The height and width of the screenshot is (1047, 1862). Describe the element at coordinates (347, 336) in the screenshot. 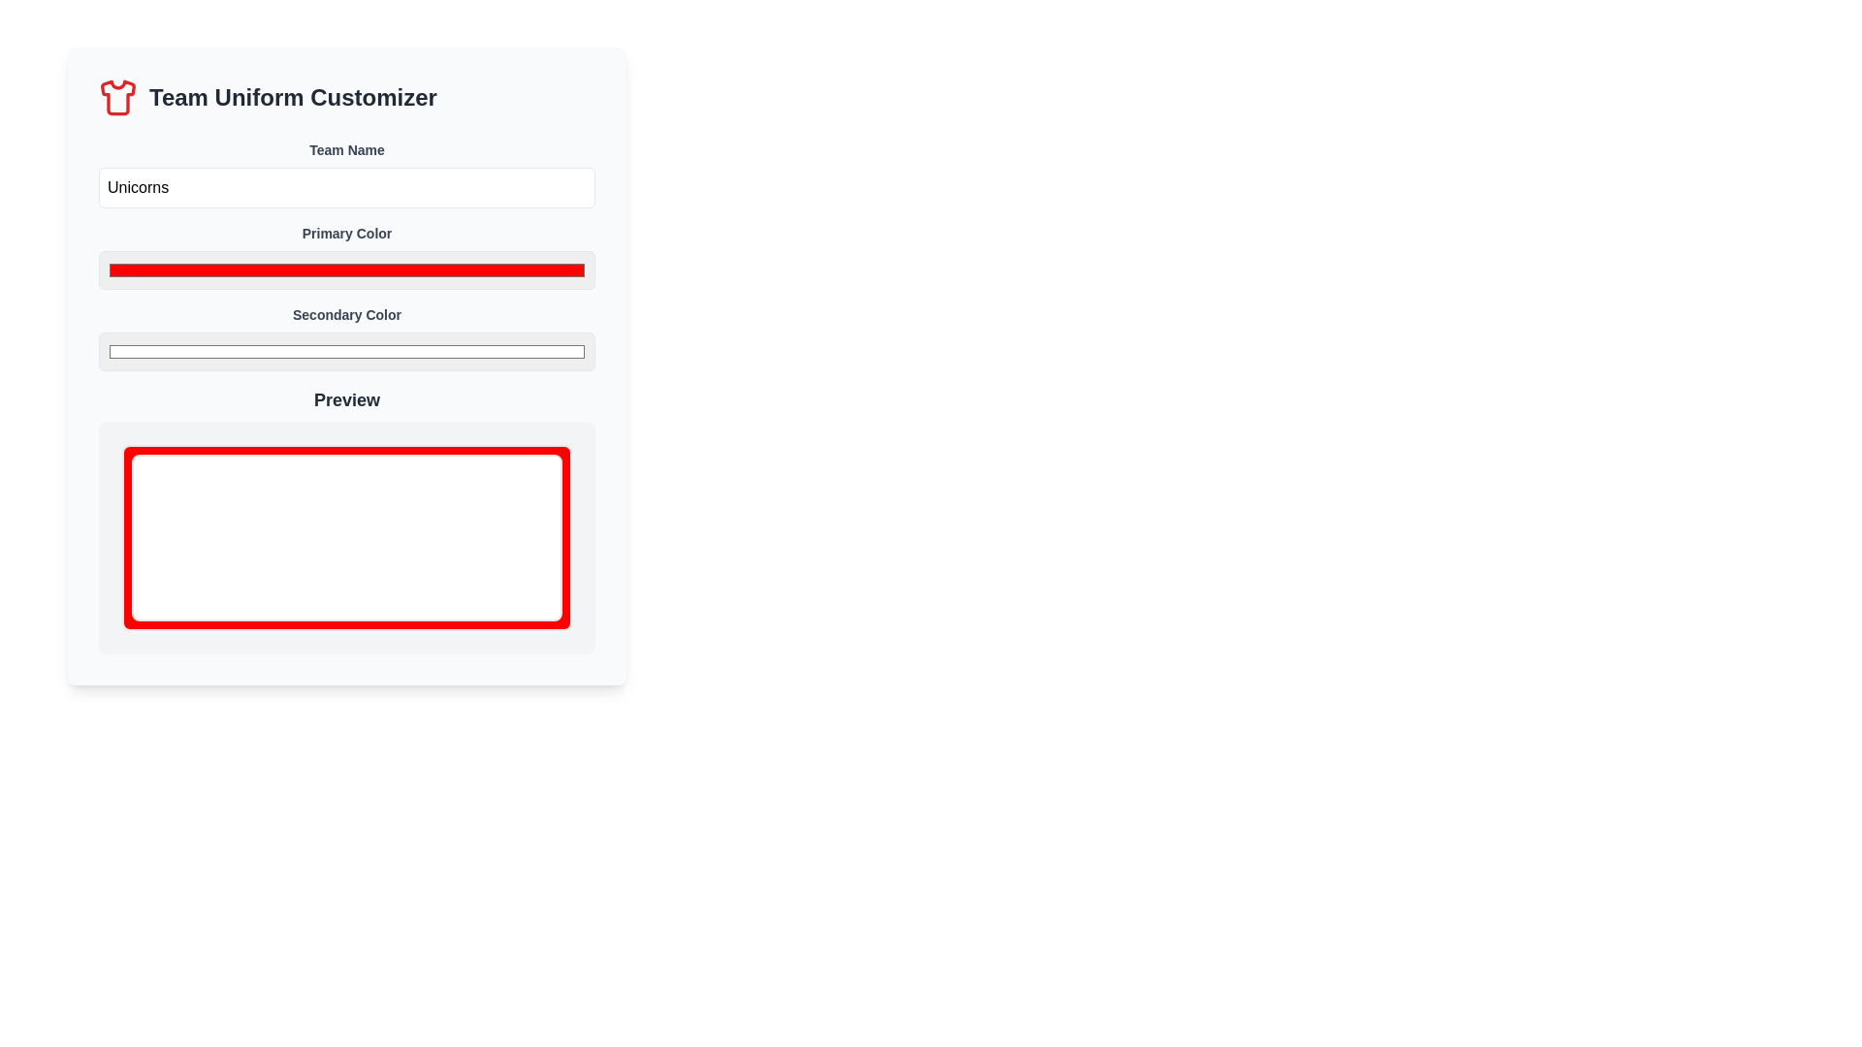

I see `the 'Secondary Color' input field` at that location.